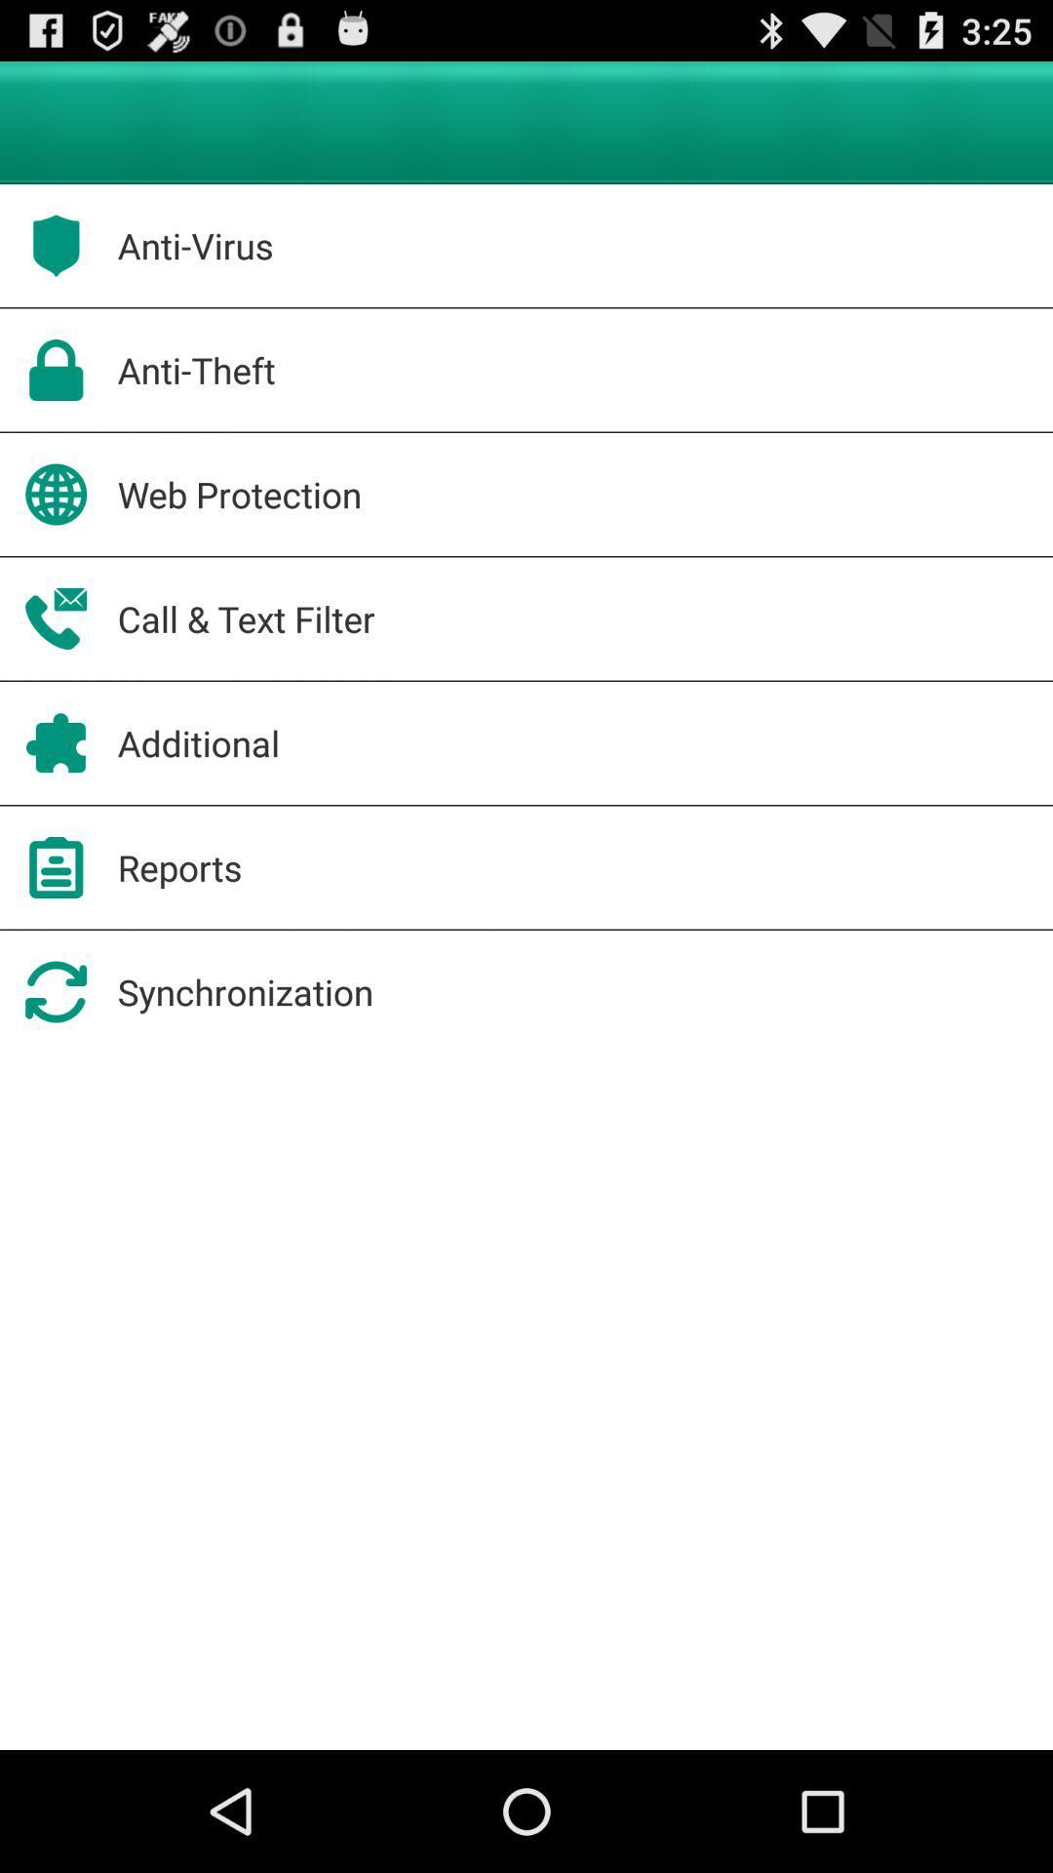 Image resolution: width=1053 pixels, height=1873 pixels. Describe the element at coordinates (179, 866) in the screenshot. I see `the item below the additional` at that location.